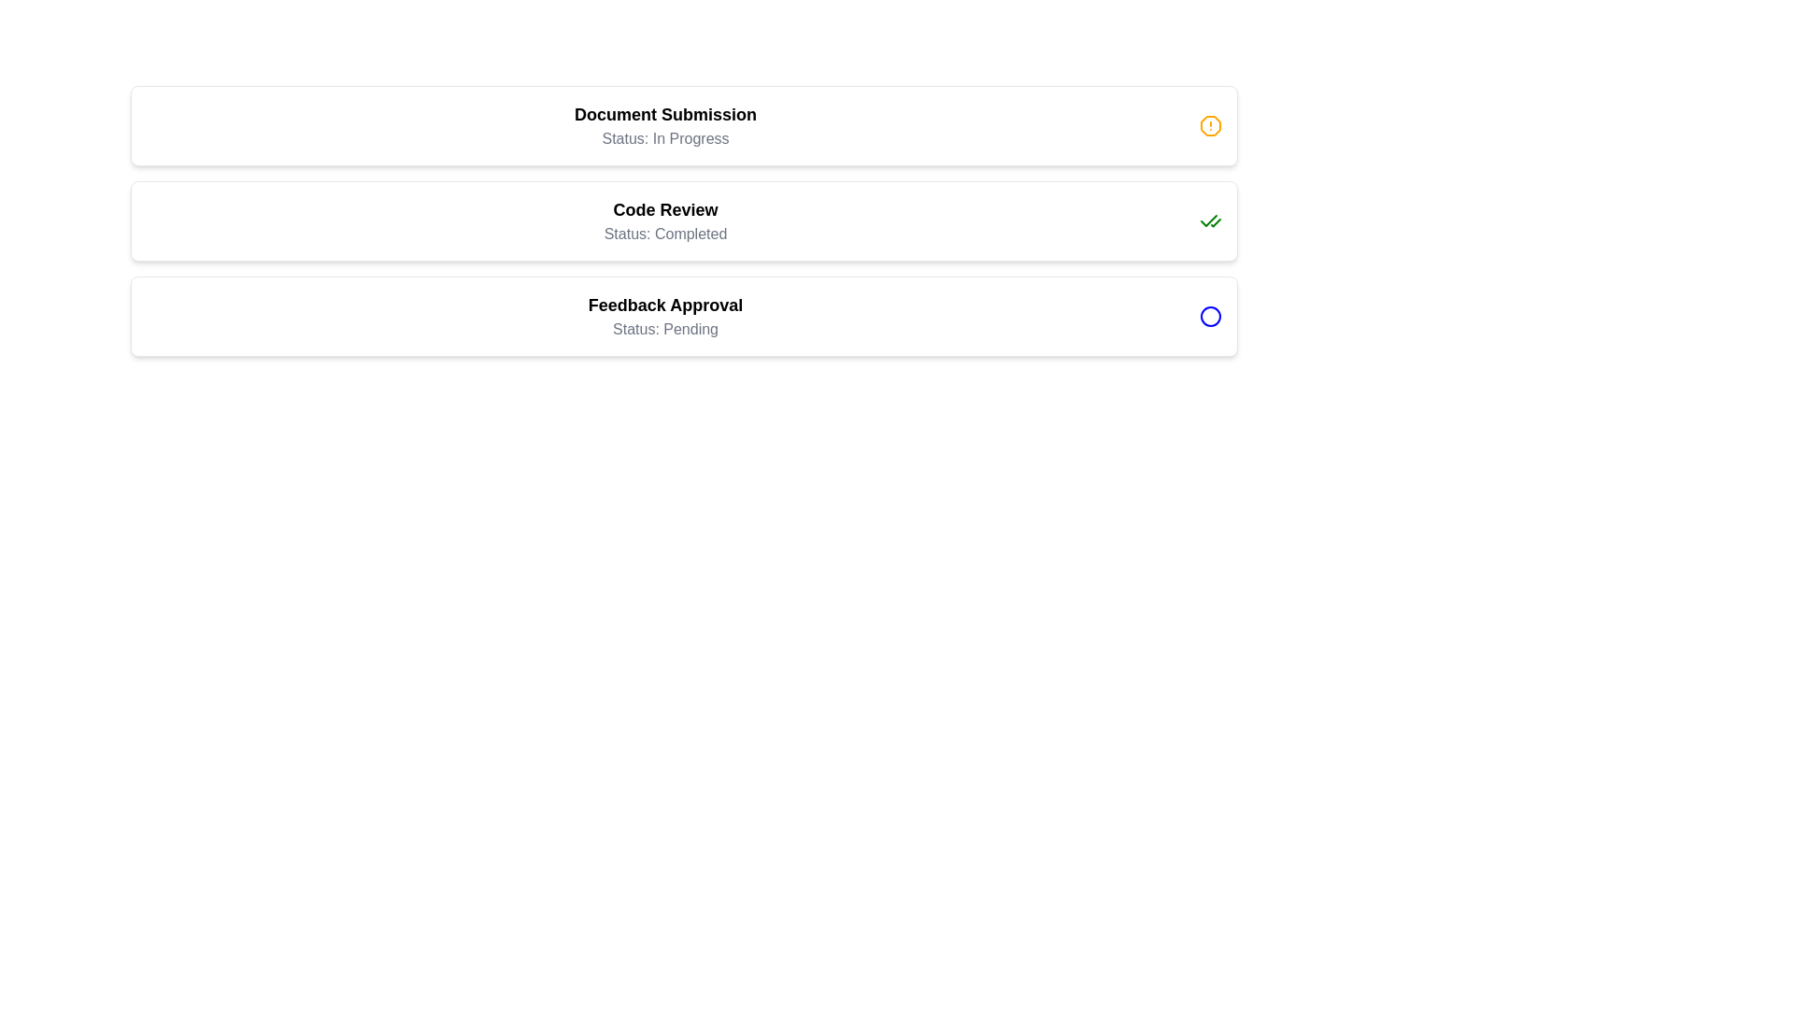 This screenshot has width=1794, height=1009. What do you see at coordinates (665, 233) in the screenshot?
I see `the text label displaying 'Status: Completed' located underneath the title 'Code Review'` at bounding box center [665, 233].